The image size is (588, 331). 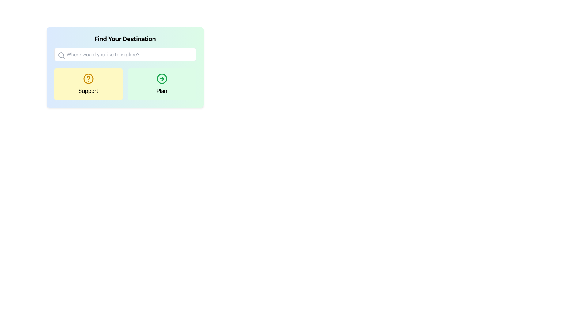 I want to click on the green circular arrow icon in the 'Plan' section, so click(x=162, y=78).